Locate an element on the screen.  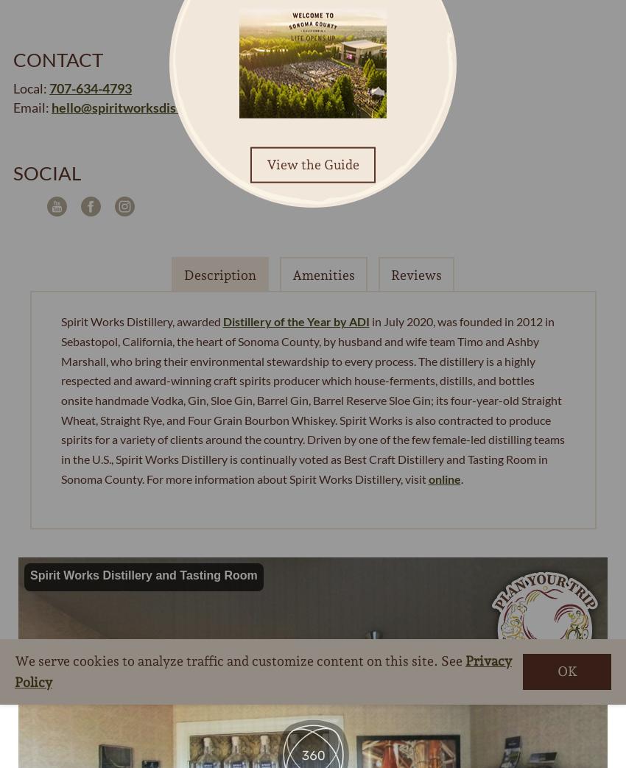
'hello@spiritworksdistillery.com' is located at coordinates (52, 108).